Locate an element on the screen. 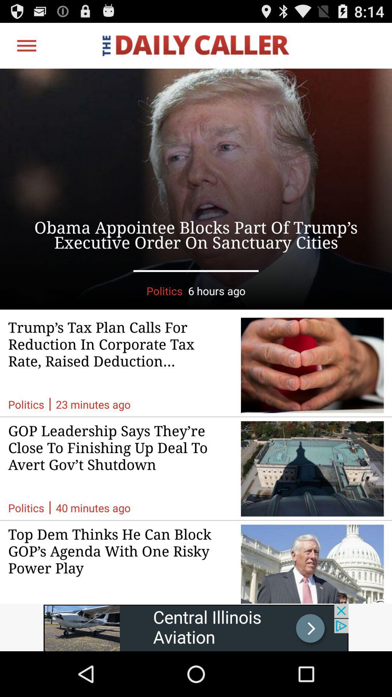 This screenshot has height=697, width=392. show menu is located at coordinates (26, 45).